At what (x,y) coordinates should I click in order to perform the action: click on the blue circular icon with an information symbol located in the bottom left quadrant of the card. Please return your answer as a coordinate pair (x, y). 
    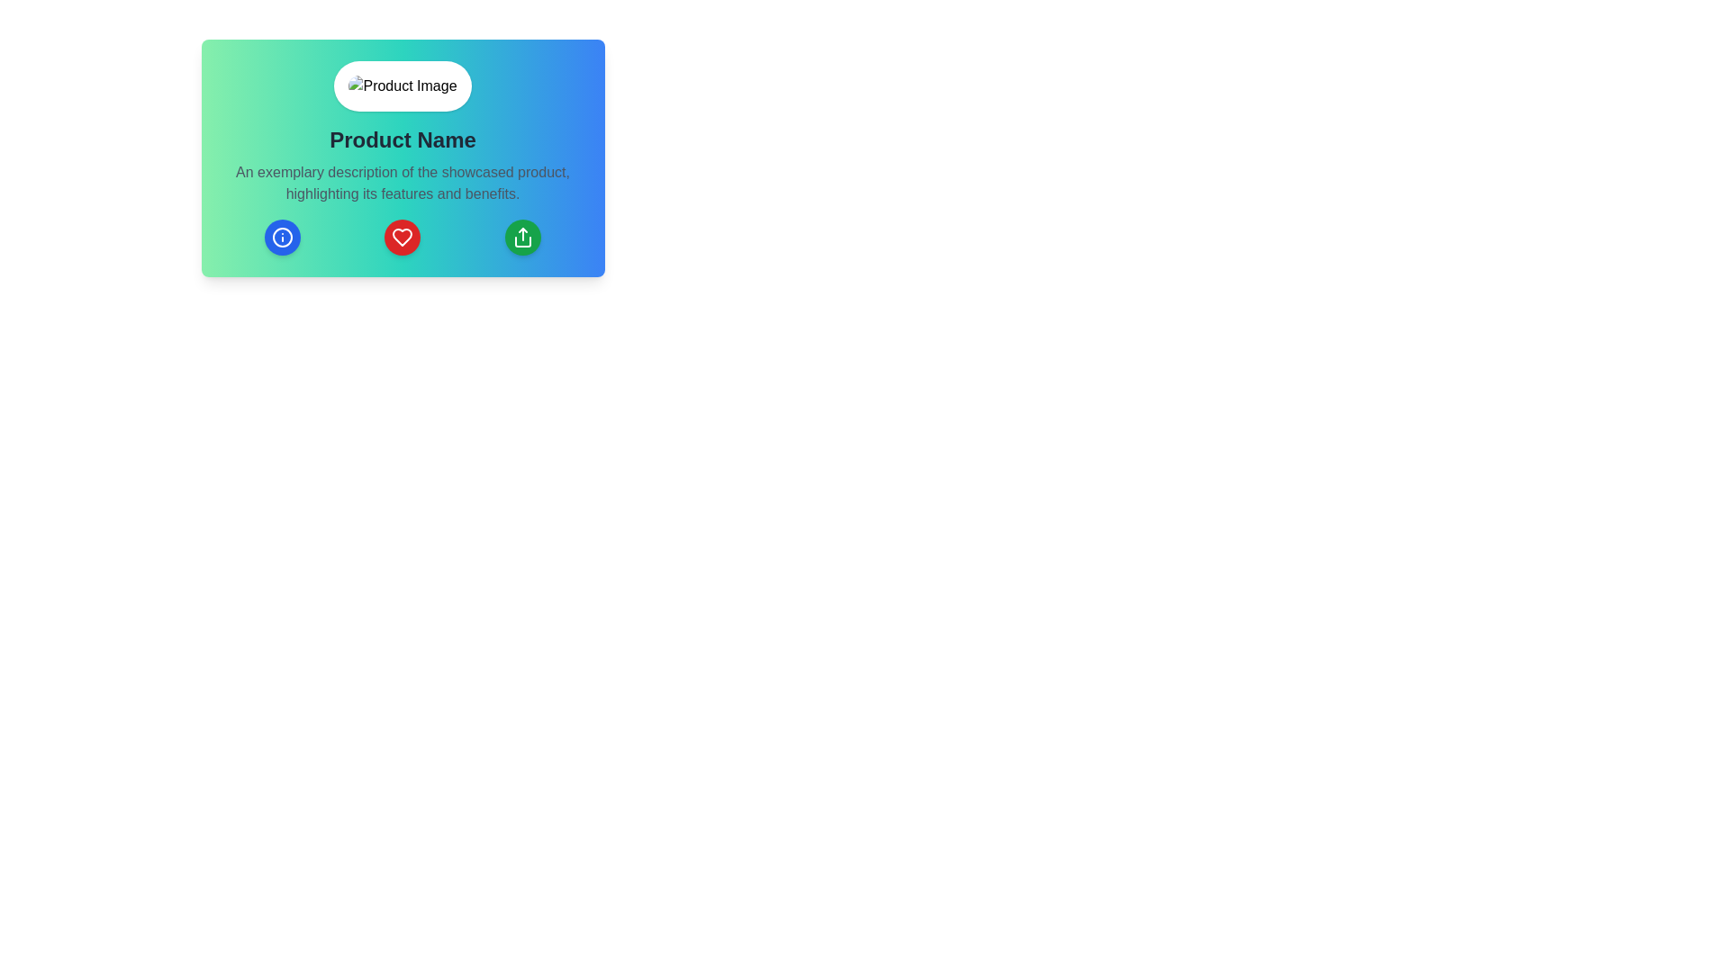
    Looking at the image, I should click on (281, 236).